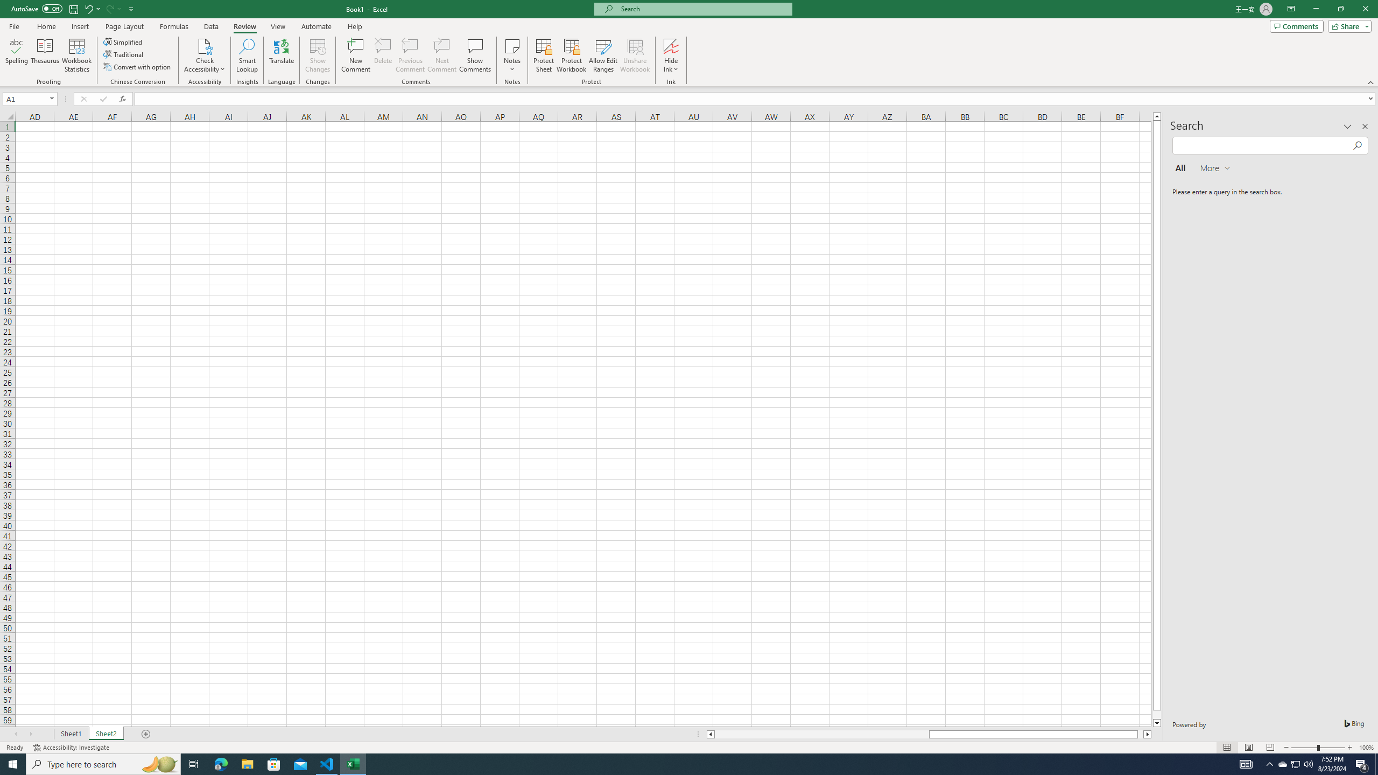  What do you see at coordinates (441, 55) in the screenshot?
I see `'Next Comment'` at bounding box center [441, 55].